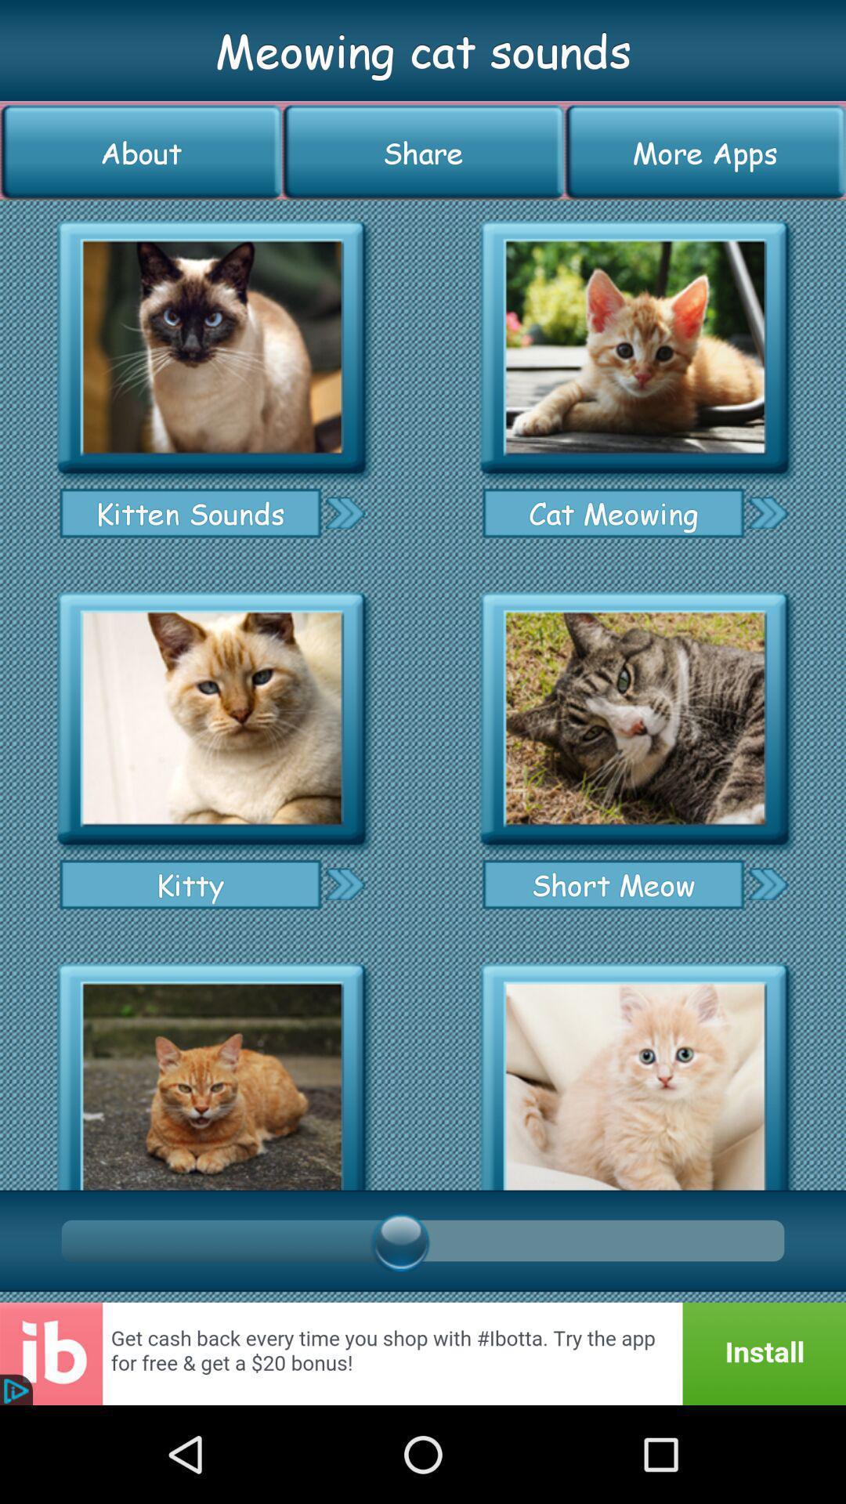  I want to click on cat meowing, so click(767, 512).